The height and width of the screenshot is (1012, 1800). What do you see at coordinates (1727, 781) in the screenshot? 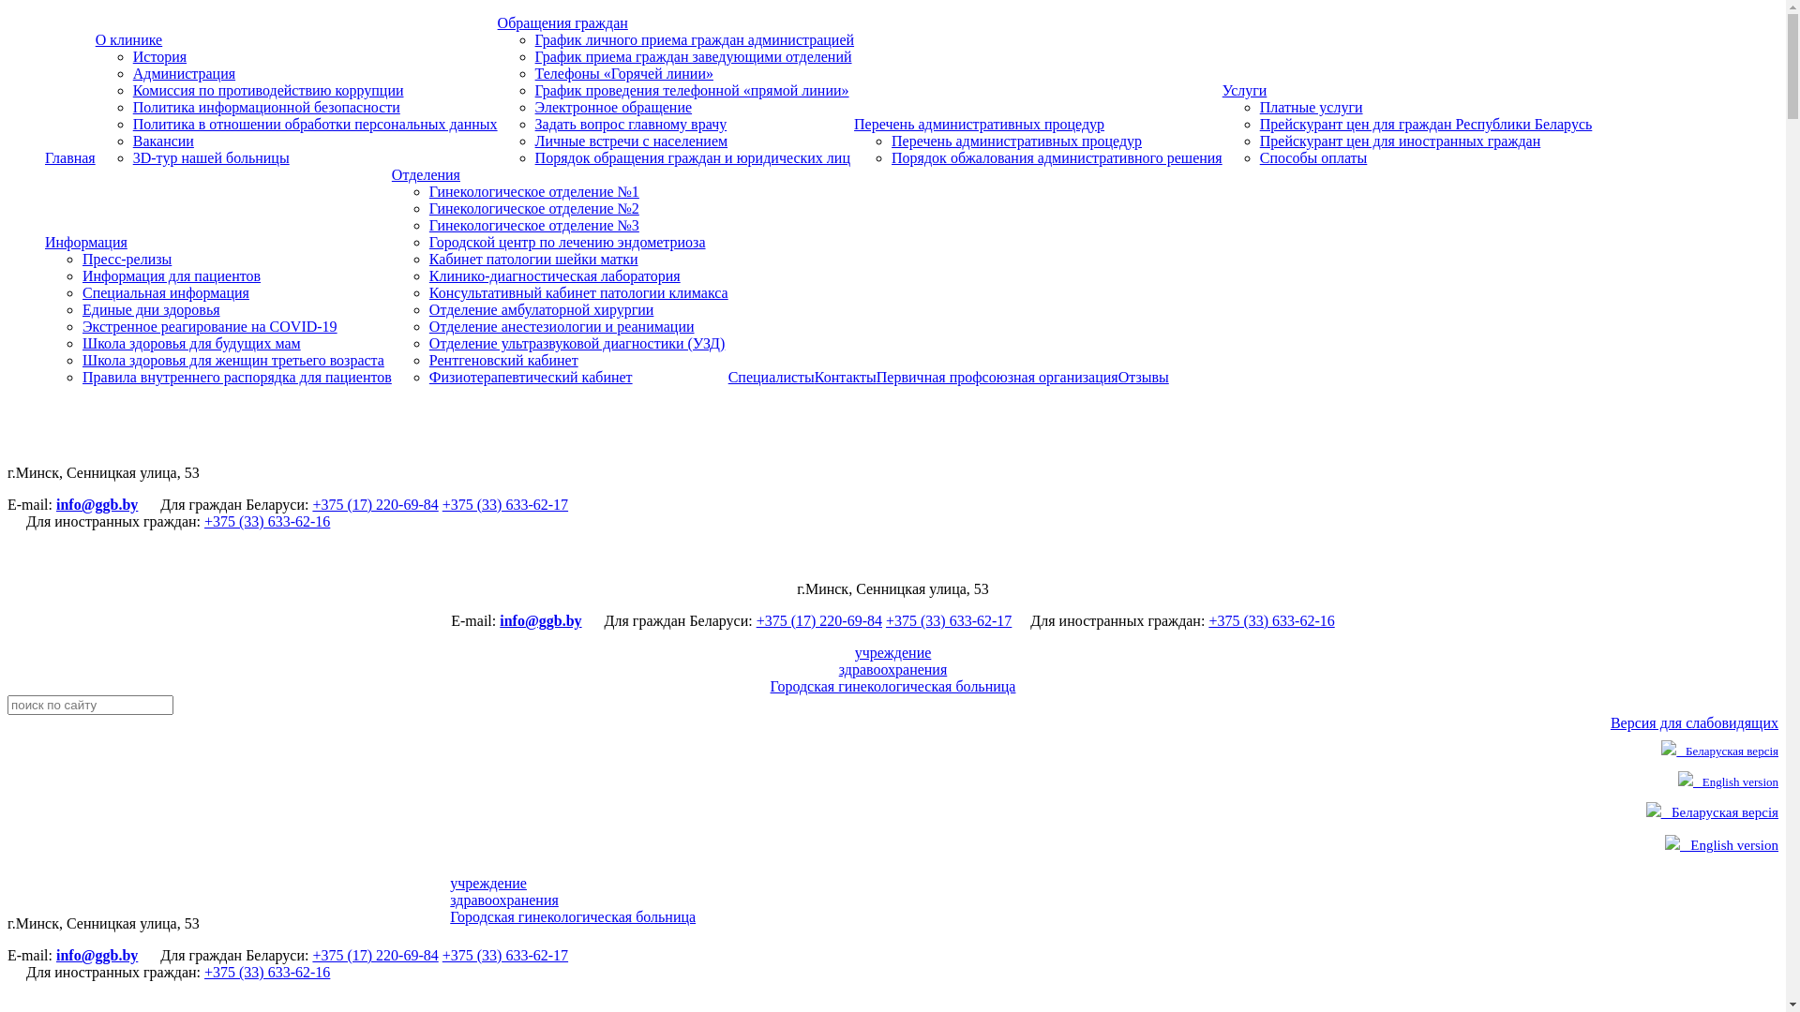
I see `'   English version'` at bounding box center [1727, 781].